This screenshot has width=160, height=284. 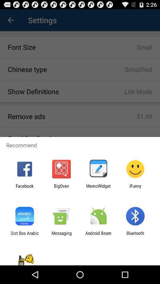 I want to click on app to the left of the bluetooth item, so click(x=98, y=235).